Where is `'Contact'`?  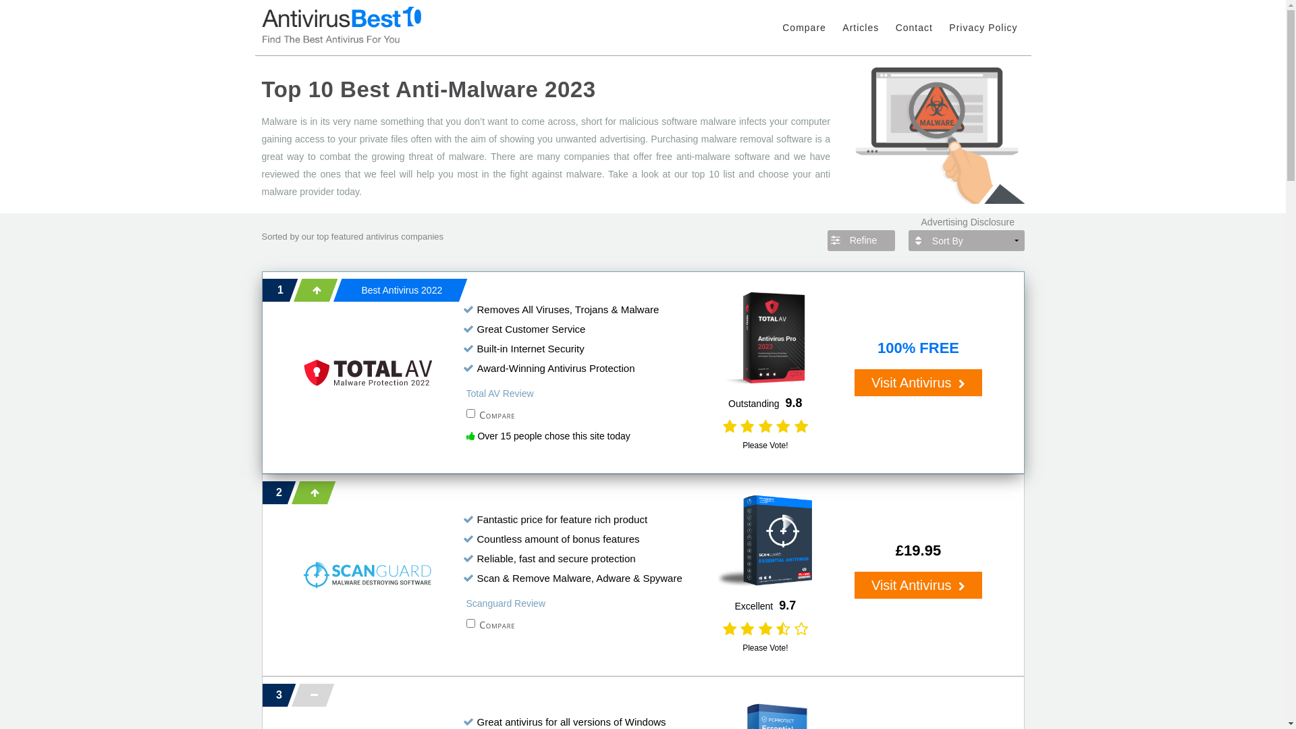
'Contact' is located at coordinates (914, 33).